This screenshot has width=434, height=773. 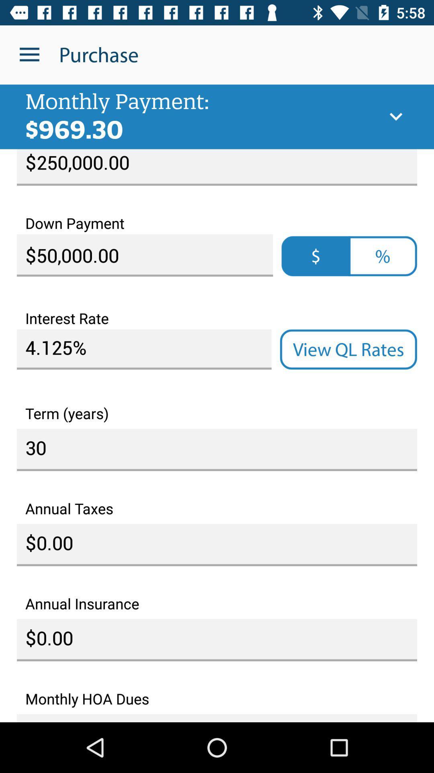 I want to click on icon to the left of purchase, so click(x=29, y=54).